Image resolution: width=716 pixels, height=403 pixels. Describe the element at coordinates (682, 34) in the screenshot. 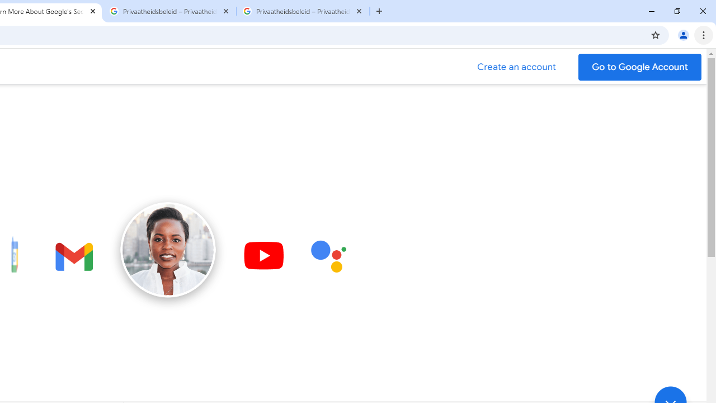

I see `'You'` at that location.